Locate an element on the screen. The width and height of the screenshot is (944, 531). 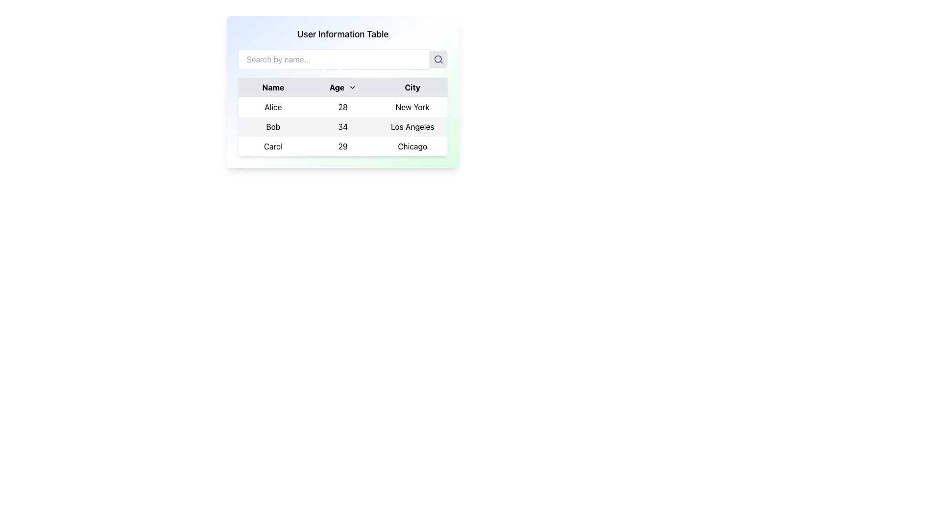
the gray button with a magnifying glass icon located at the rightmost end of the search bar is located at coordinates (438, 59).